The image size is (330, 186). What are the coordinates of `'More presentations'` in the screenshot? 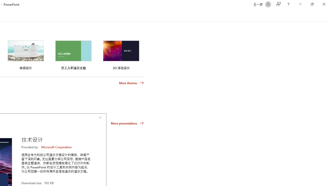 It's located at (127, 123).